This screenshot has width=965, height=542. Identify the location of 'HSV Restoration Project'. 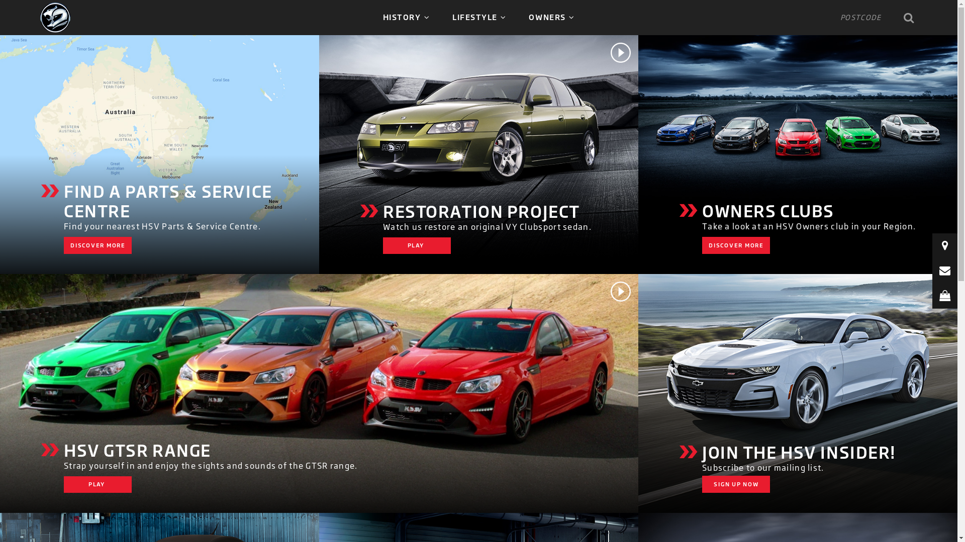
(478, 155).